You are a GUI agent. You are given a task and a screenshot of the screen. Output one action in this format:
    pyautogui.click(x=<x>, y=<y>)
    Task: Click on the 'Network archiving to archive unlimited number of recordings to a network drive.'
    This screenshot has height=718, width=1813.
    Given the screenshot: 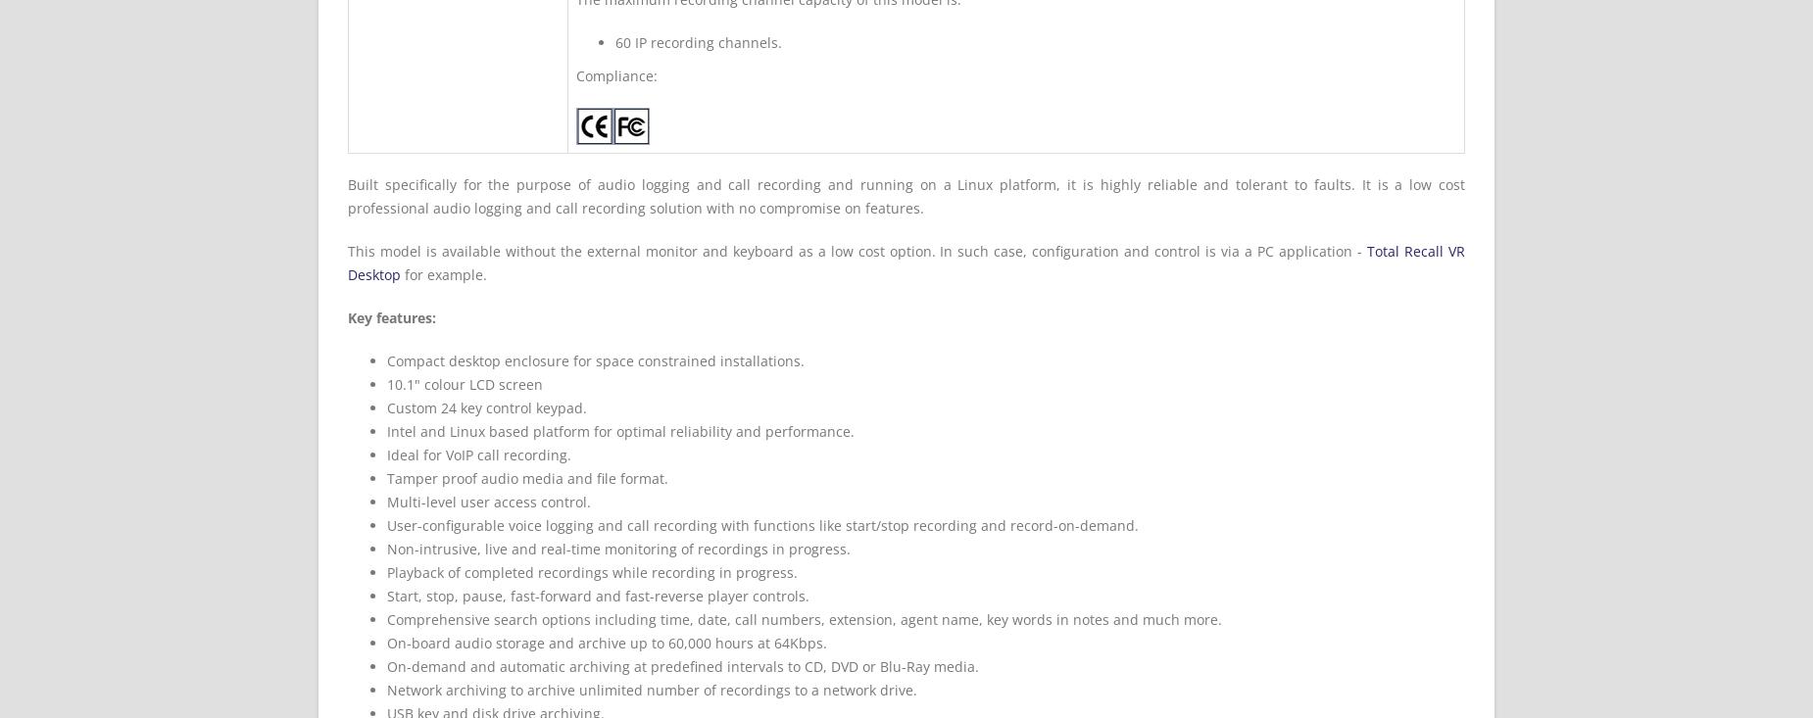 What is the action you would take?
    pyautogui.click(x=652, y=690)
    